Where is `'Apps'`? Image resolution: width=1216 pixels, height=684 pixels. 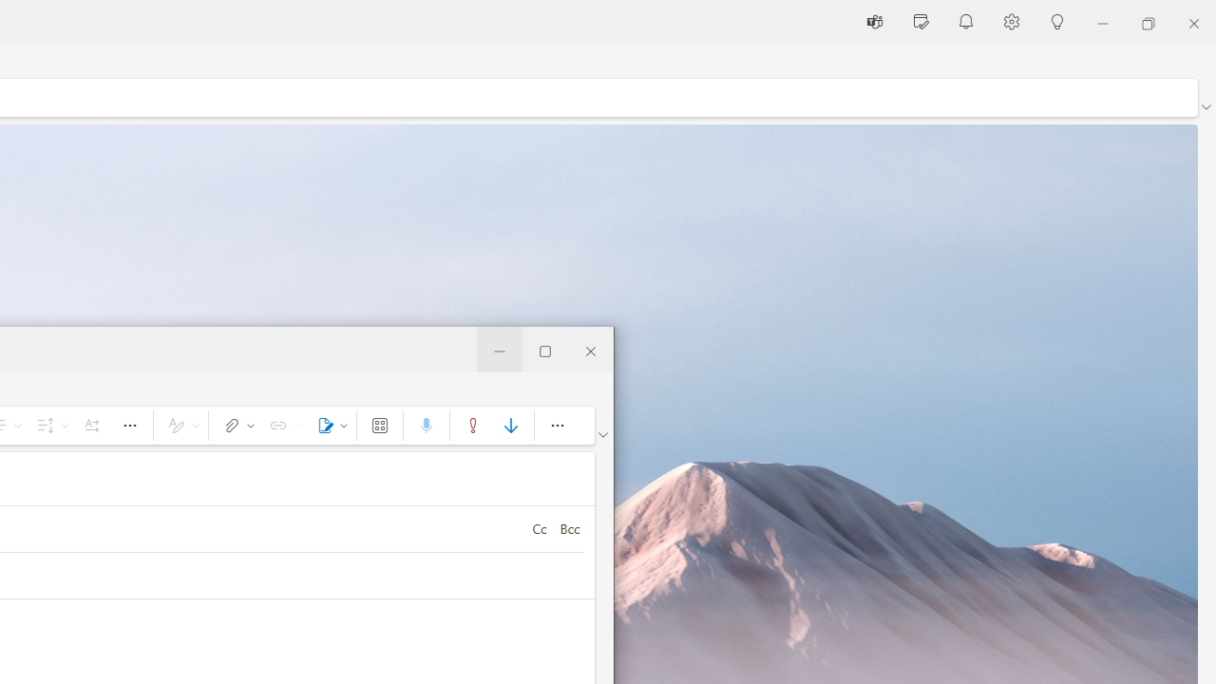
'Apps' is located at coordinates (380, 424).